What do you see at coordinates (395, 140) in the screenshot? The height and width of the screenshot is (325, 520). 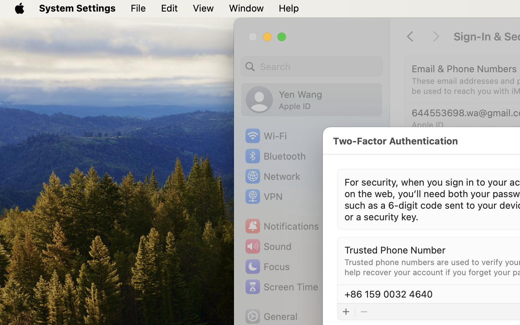 I see `'Two‑Factor Authentication'` at bounding box center [395, 140].